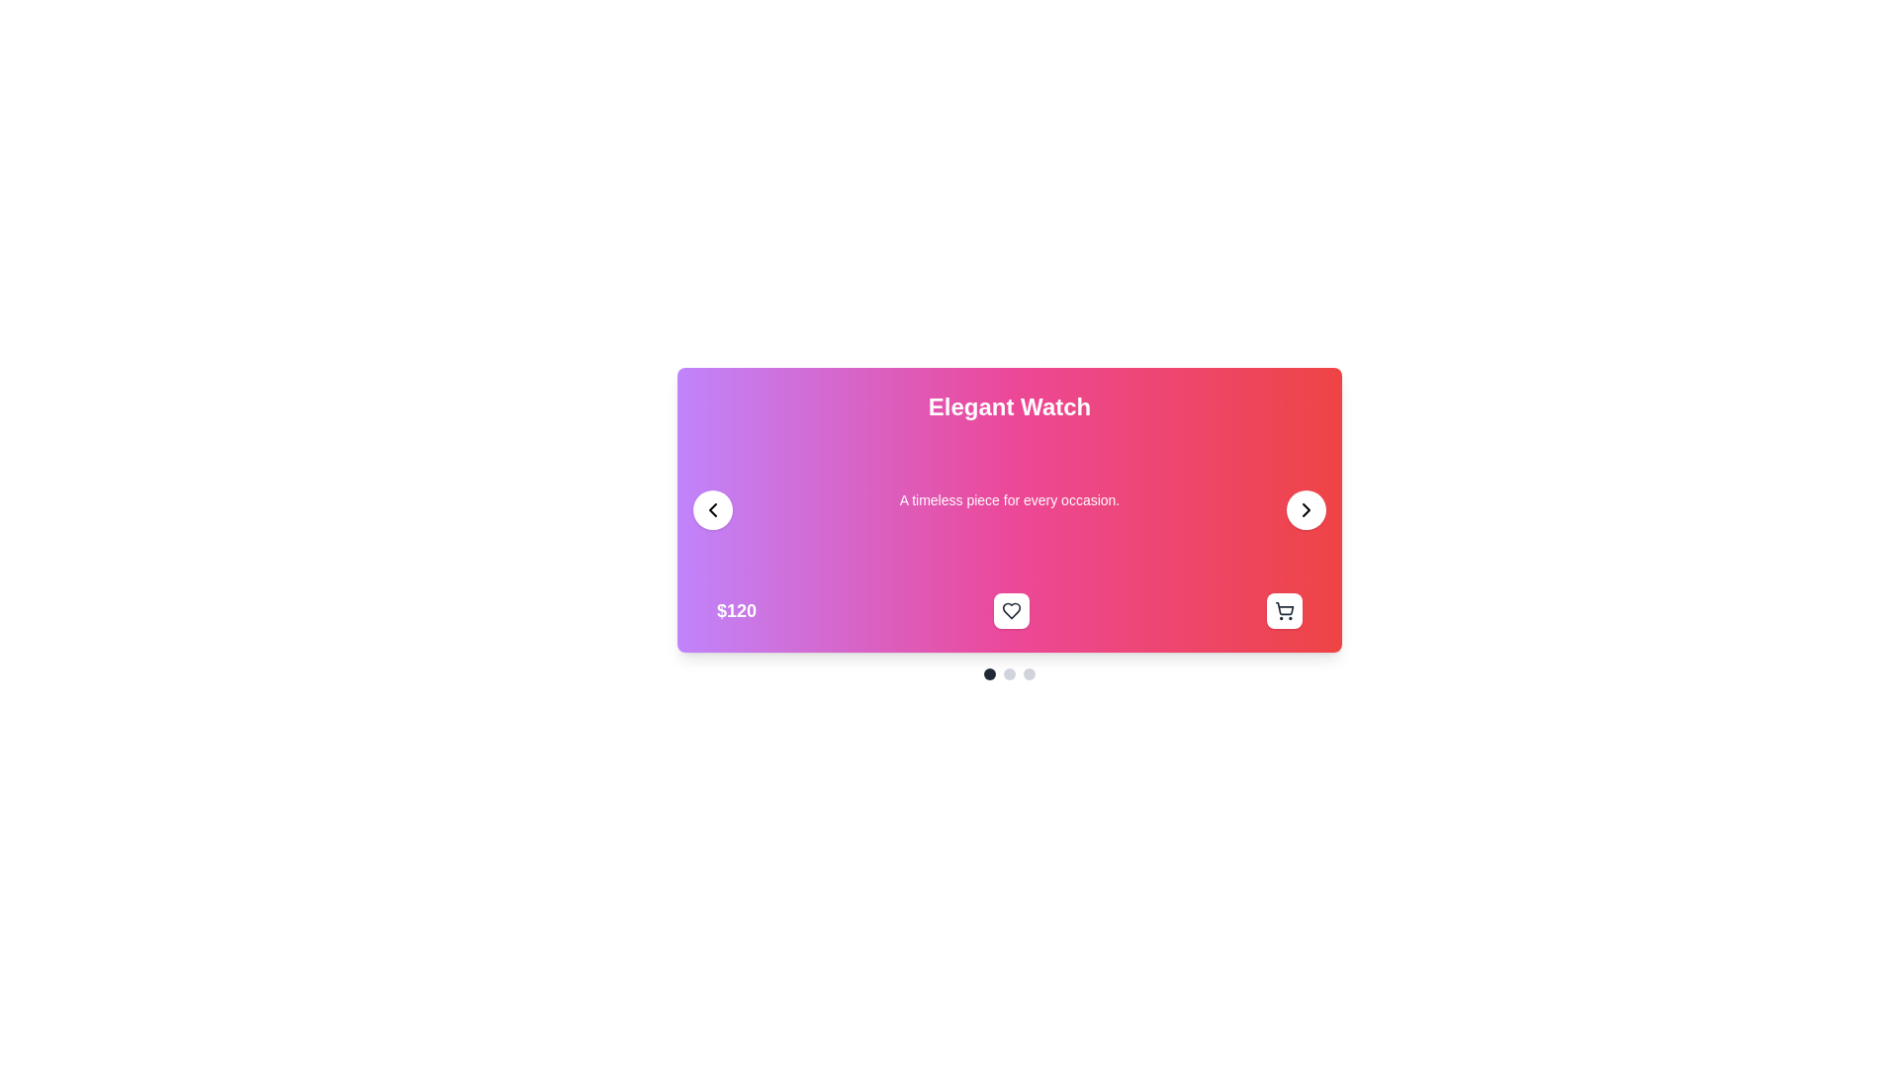  What do you see at coordinates (1283, 609) in the screenshot?
I see `the shopping cart icon located at the bottom-right corner of the card layout` at bounding box center [1283, 609].